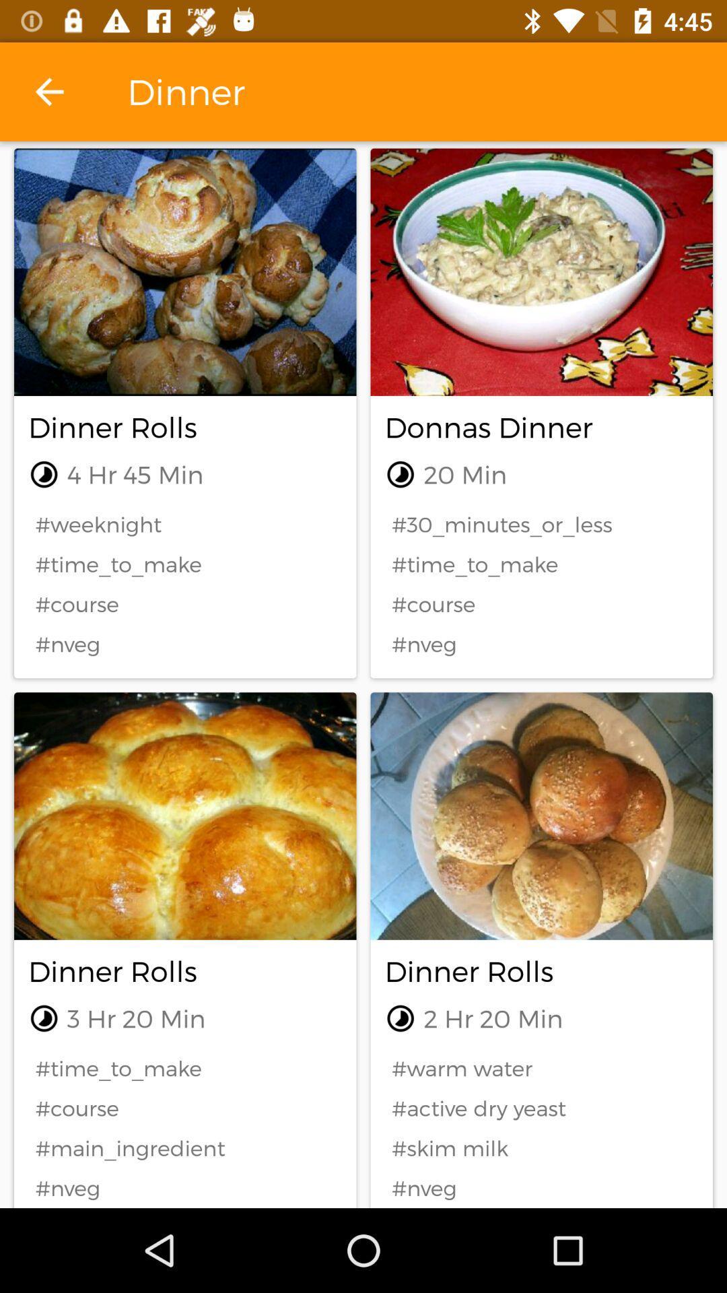 This screenshot has width=727, height=1293. I want to click on the icon next to #time_to_make, so click(541, 1108).